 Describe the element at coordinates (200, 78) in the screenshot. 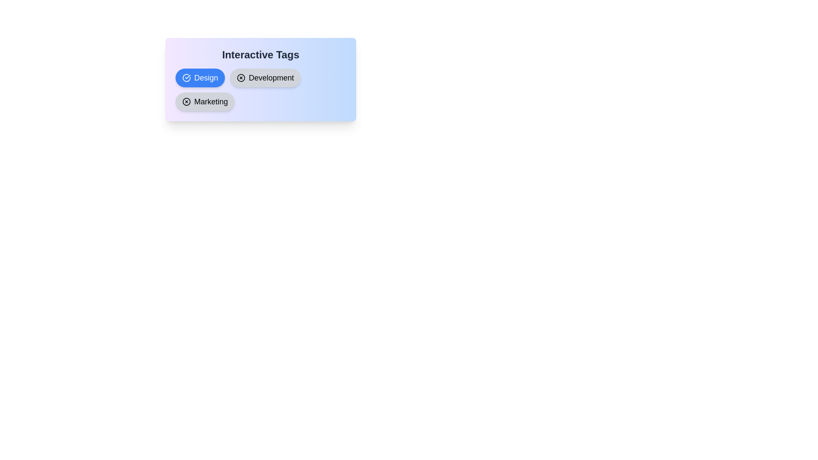

I see `the chip labeled 'Design' to observe its hover effect` at that location.